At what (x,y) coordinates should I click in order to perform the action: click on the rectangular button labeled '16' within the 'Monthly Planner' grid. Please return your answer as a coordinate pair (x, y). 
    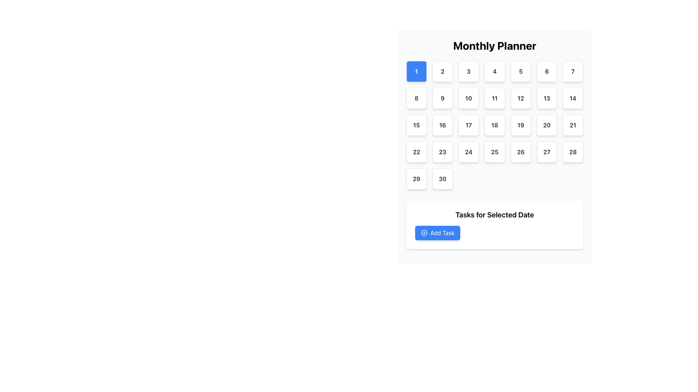
    Looking at the image, I should click on (442, 124).